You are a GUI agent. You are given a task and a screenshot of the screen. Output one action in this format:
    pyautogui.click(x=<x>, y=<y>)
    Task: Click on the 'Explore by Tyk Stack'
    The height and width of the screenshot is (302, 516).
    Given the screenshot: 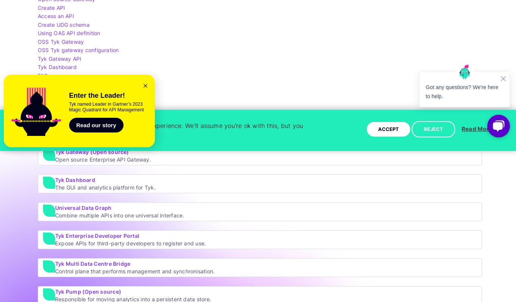 What is the action you would take?
    pyautogui.click(x=37, y=125)
    